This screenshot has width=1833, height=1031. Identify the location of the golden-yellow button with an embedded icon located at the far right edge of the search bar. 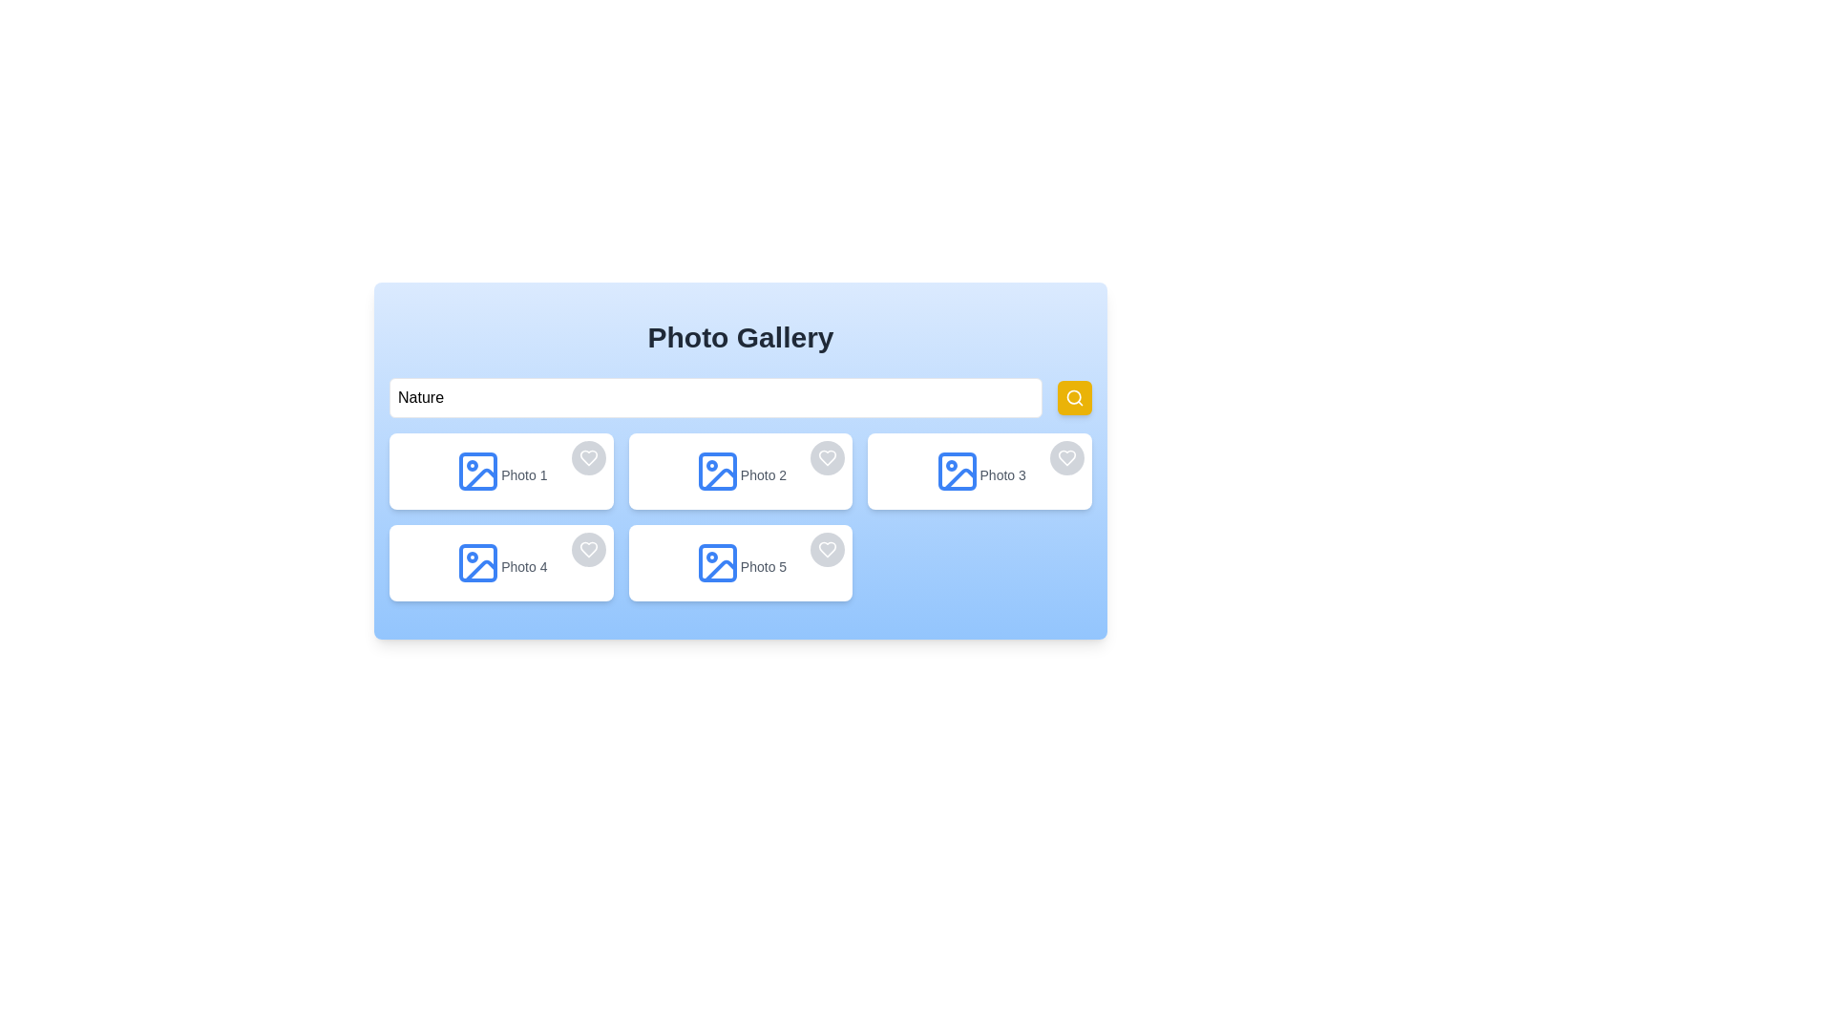
(1075, 396).